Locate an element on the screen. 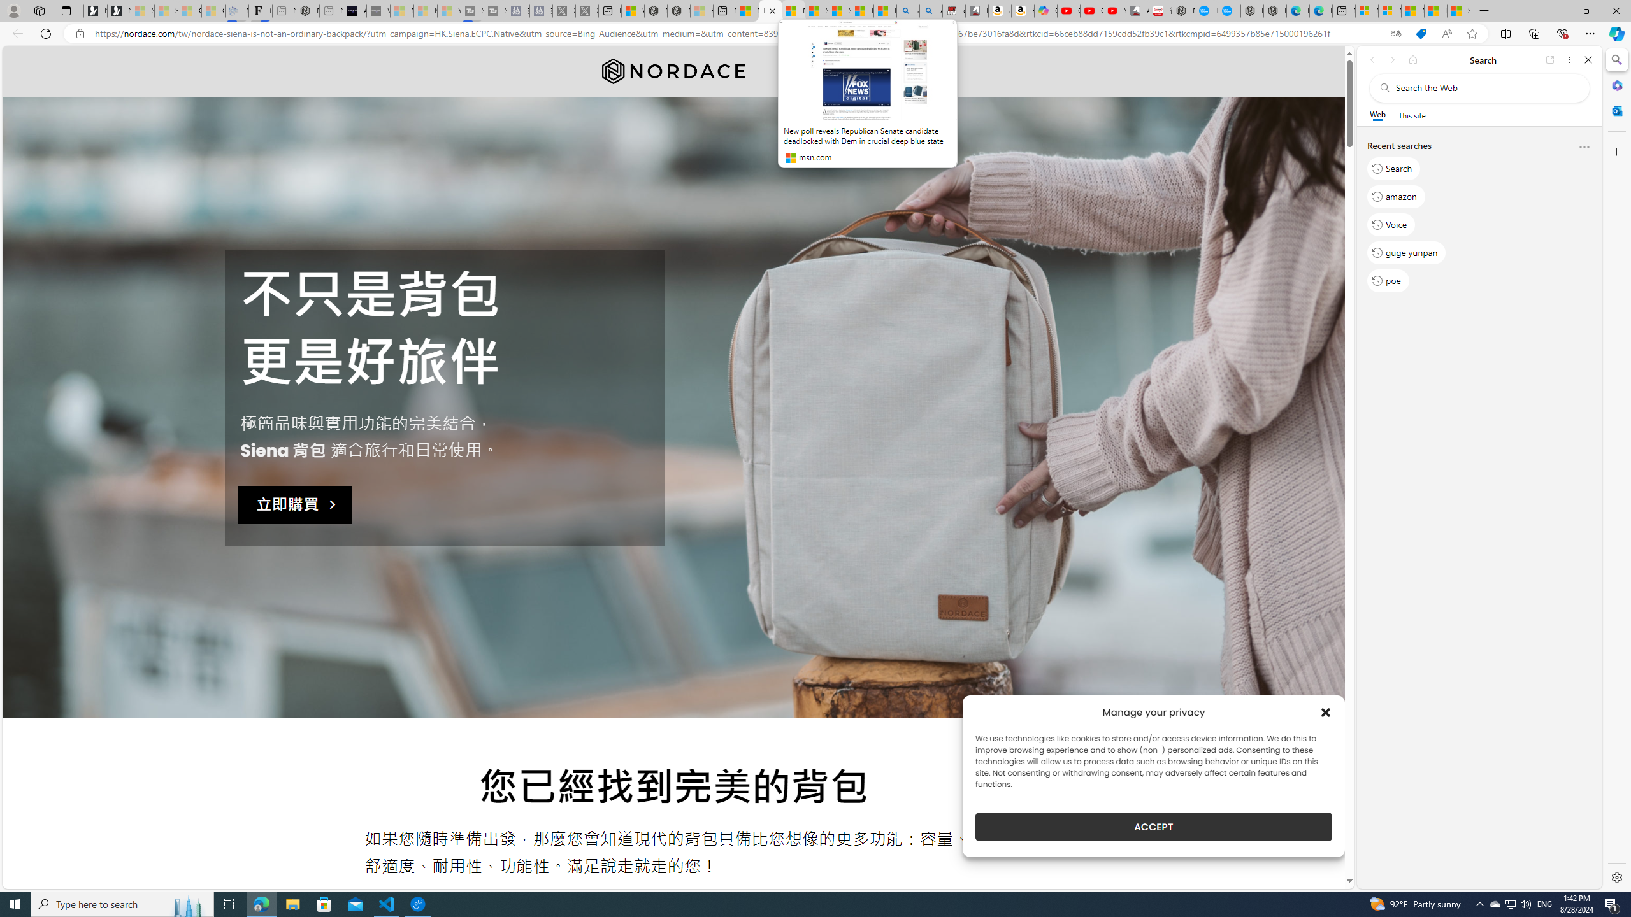 Image resolution: width=1631 pixels, height=917 pixels. 'Search the web' is located at coordinates (1485, 87).